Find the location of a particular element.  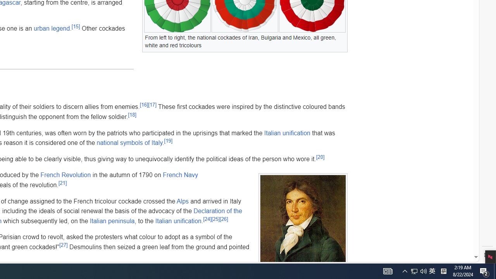

'[27]' is located at coordinates (64, 245).